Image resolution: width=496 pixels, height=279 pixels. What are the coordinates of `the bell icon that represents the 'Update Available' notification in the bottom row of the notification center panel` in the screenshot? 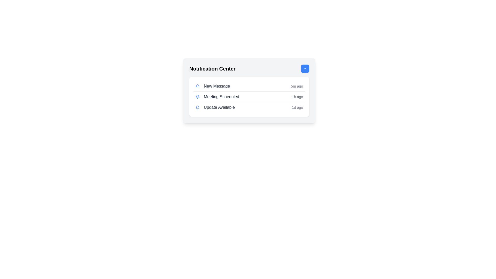 It's located at (197, 107).